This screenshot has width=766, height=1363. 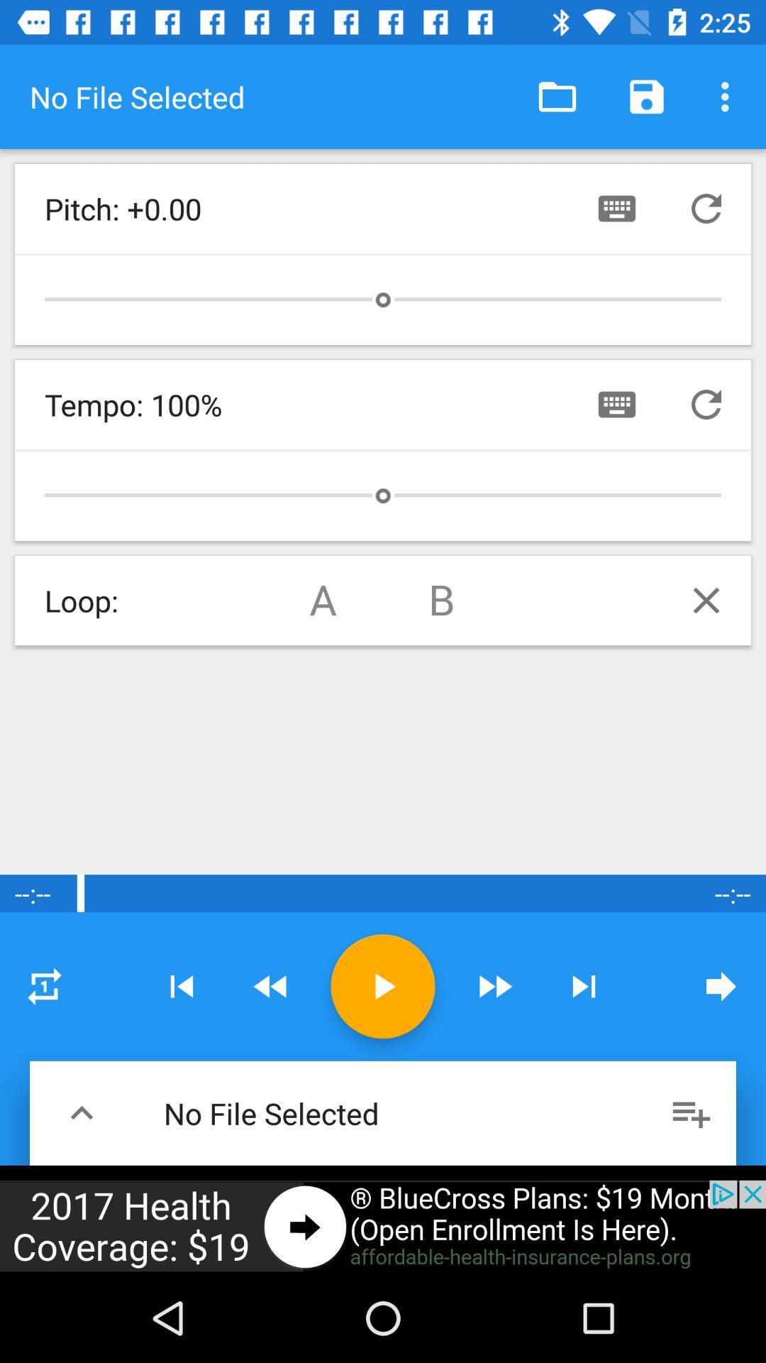 What do you see at coordinates (721, 985) in the screenshot?
I see `next page` at bounding box center [721, 985].